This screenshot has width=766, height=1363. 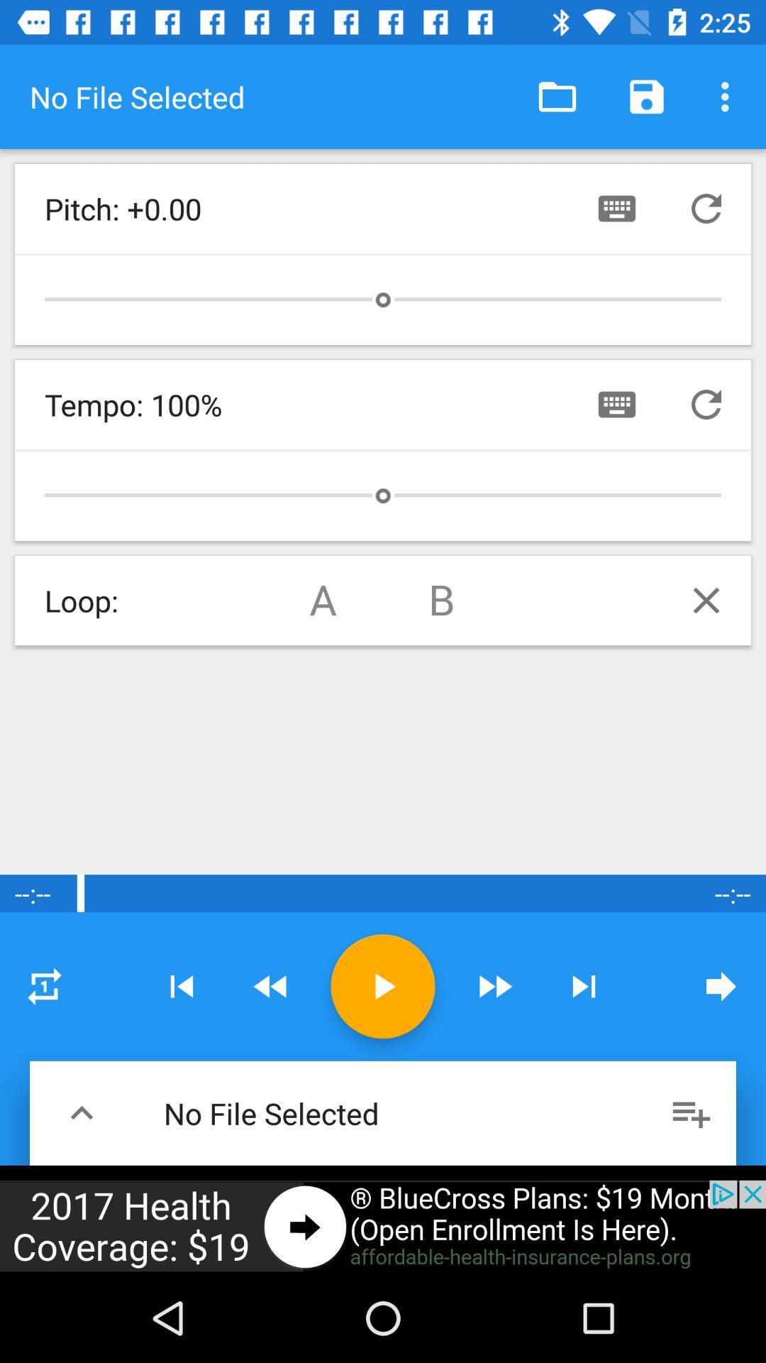 What do you see at coordinates (721, 985) in the screenshot?
I see `next page` at bounding box center [721, 985].